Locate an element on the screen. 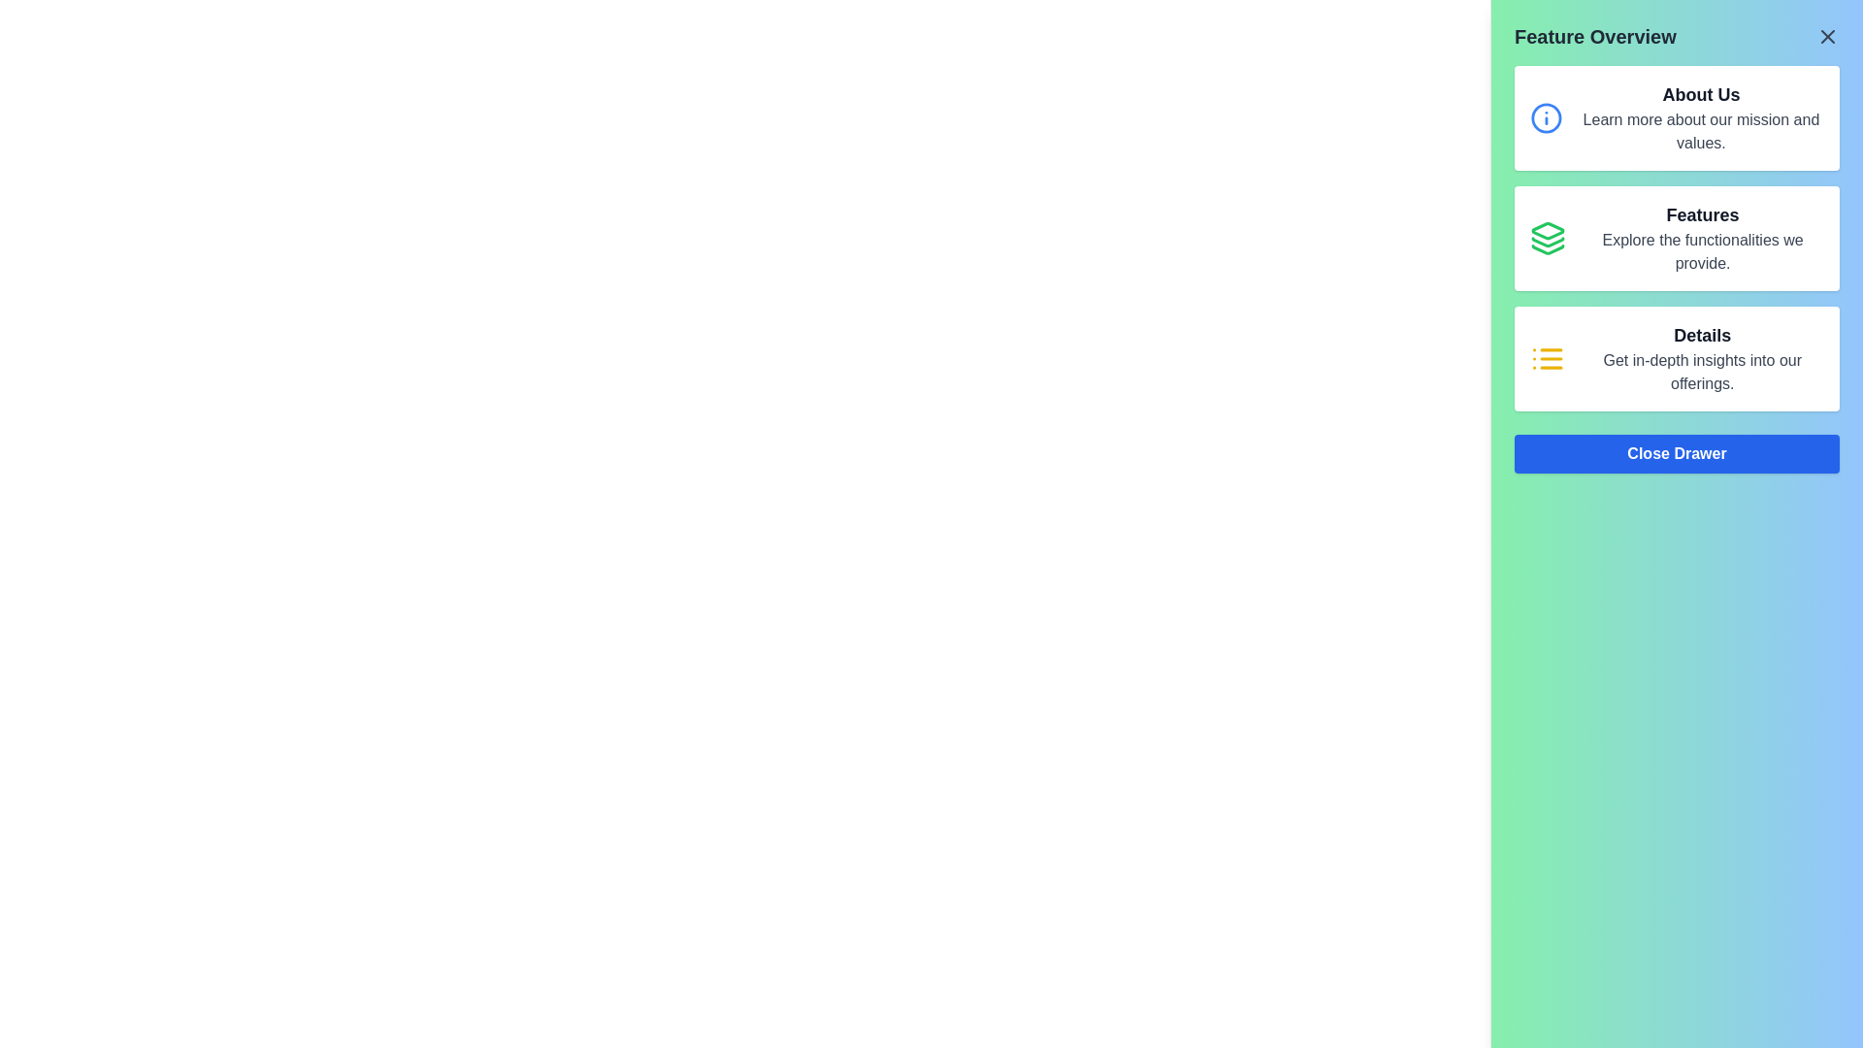 This screenshot has height=1048, width=1863. the interactive text block containing the heading 'Details' and the description 'Get in-depth insights into our offerings.' is located at coordinates (1701, 359).